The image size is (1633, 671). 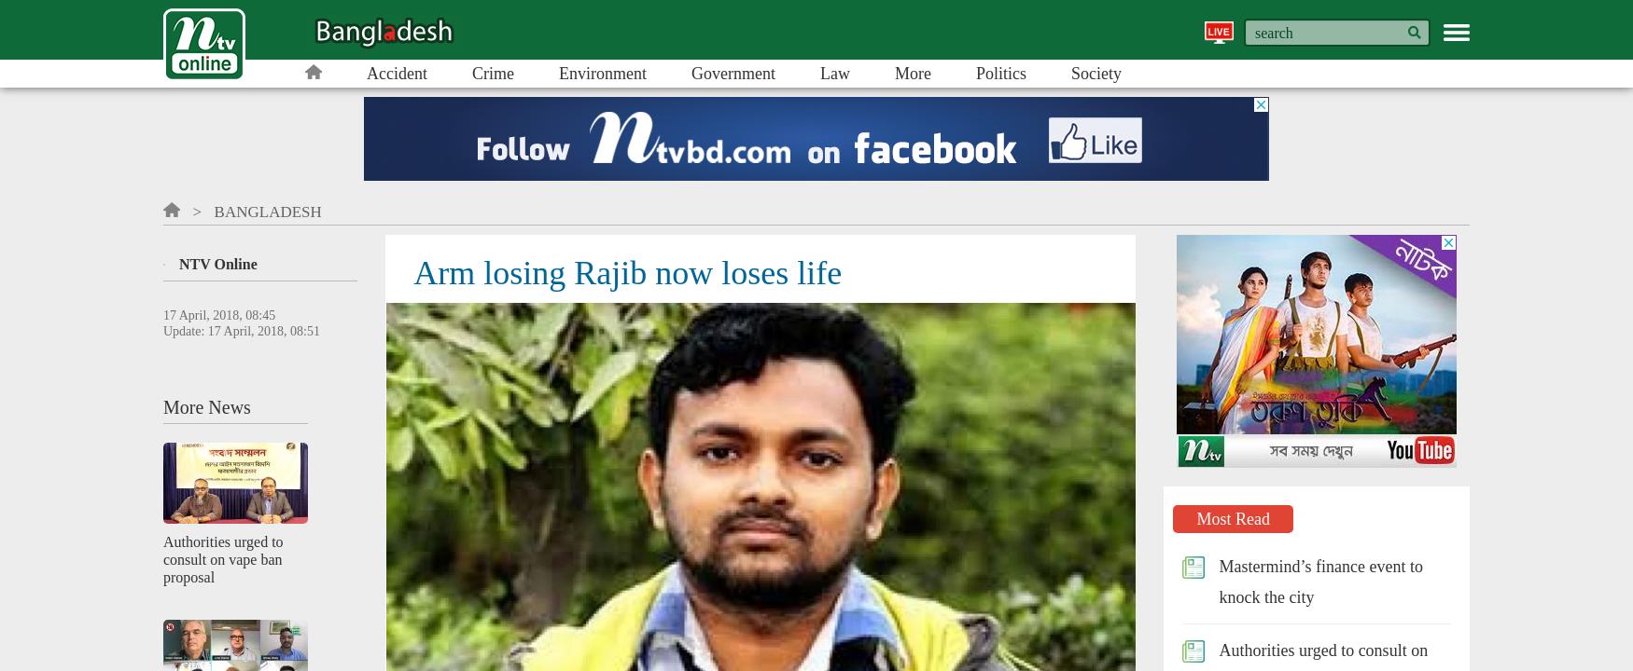 I want to click on 'Environment', so click(x=557, y=72).